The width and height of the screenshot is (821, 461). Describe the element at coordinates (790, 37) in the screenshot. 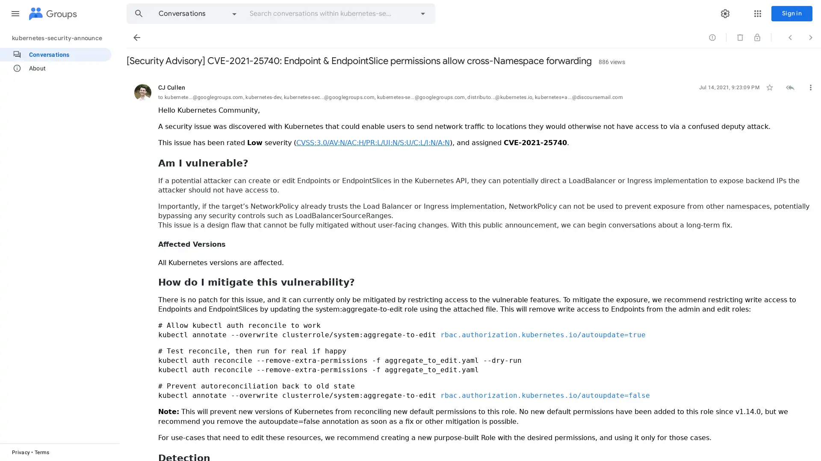

I see `Previous` at that location.